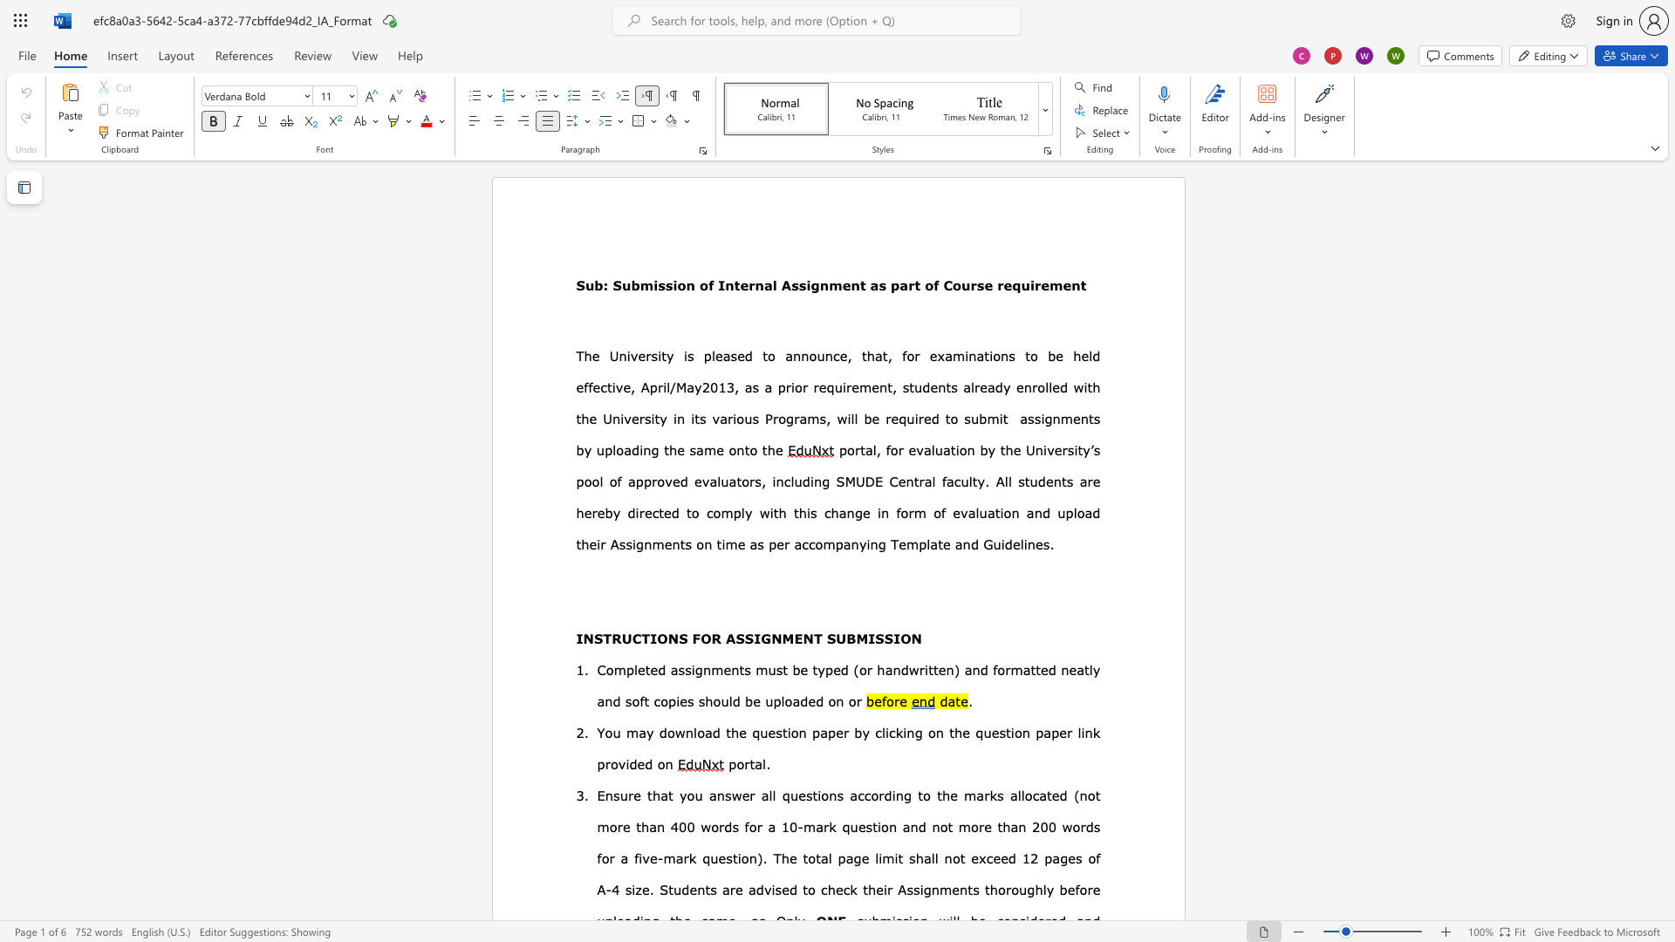  Describe the element at coordinates (590, 284) in the screenshot. I see `the 1th character "u" in the text` at that location.